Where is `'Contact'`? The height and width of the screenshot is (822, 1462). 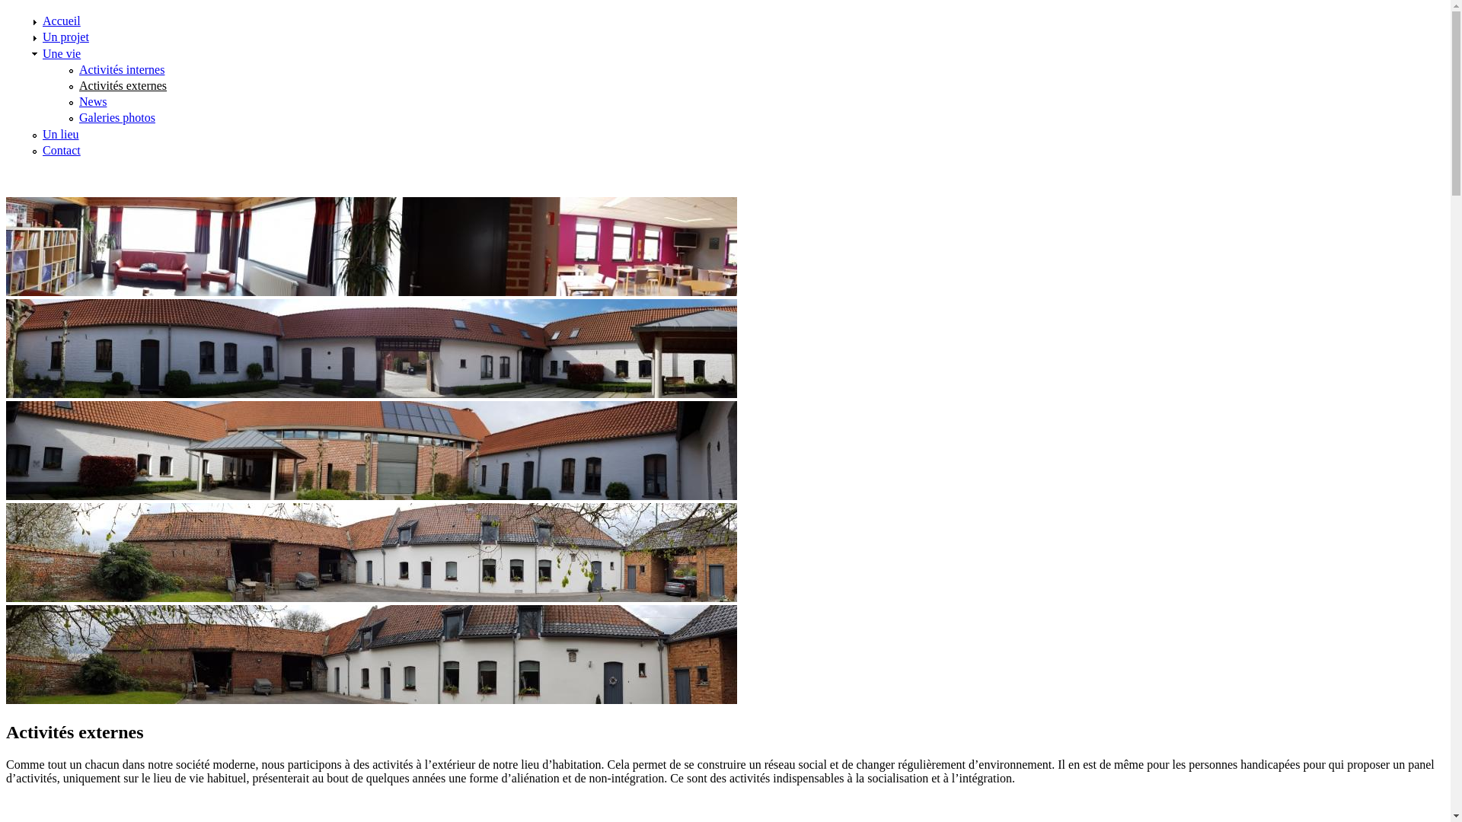 'Contact' is located at coordinates (61, 150).